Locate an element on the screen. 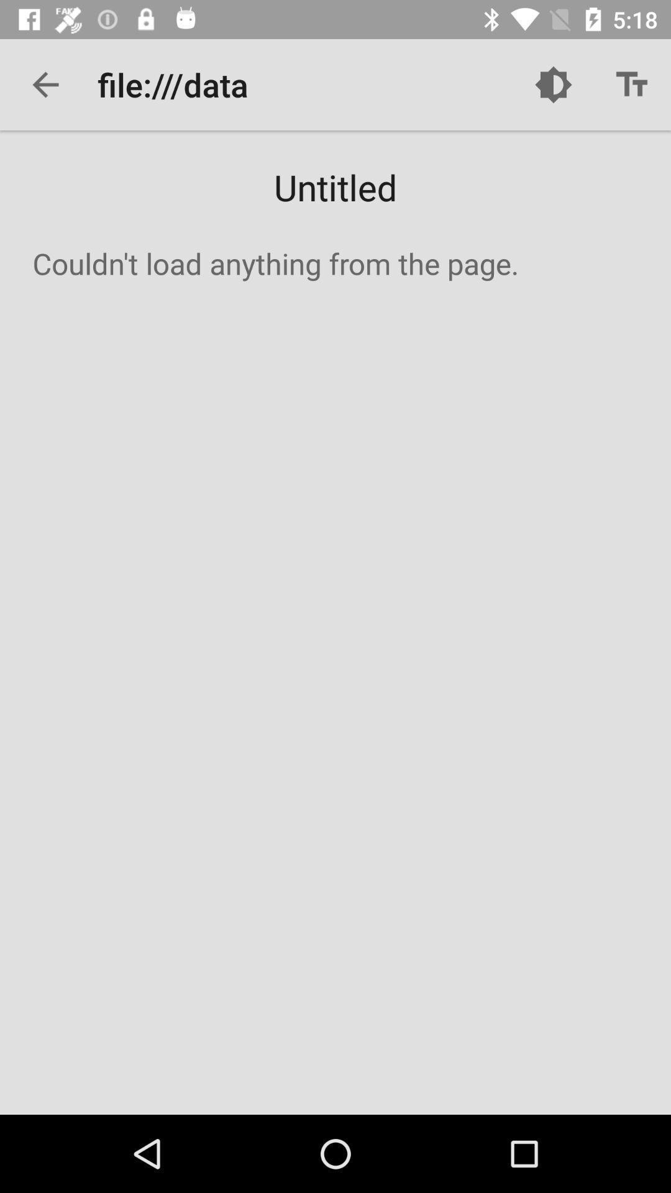 The image size is (671, 1193). the icon above untitled is located at coordinates (553, 84).